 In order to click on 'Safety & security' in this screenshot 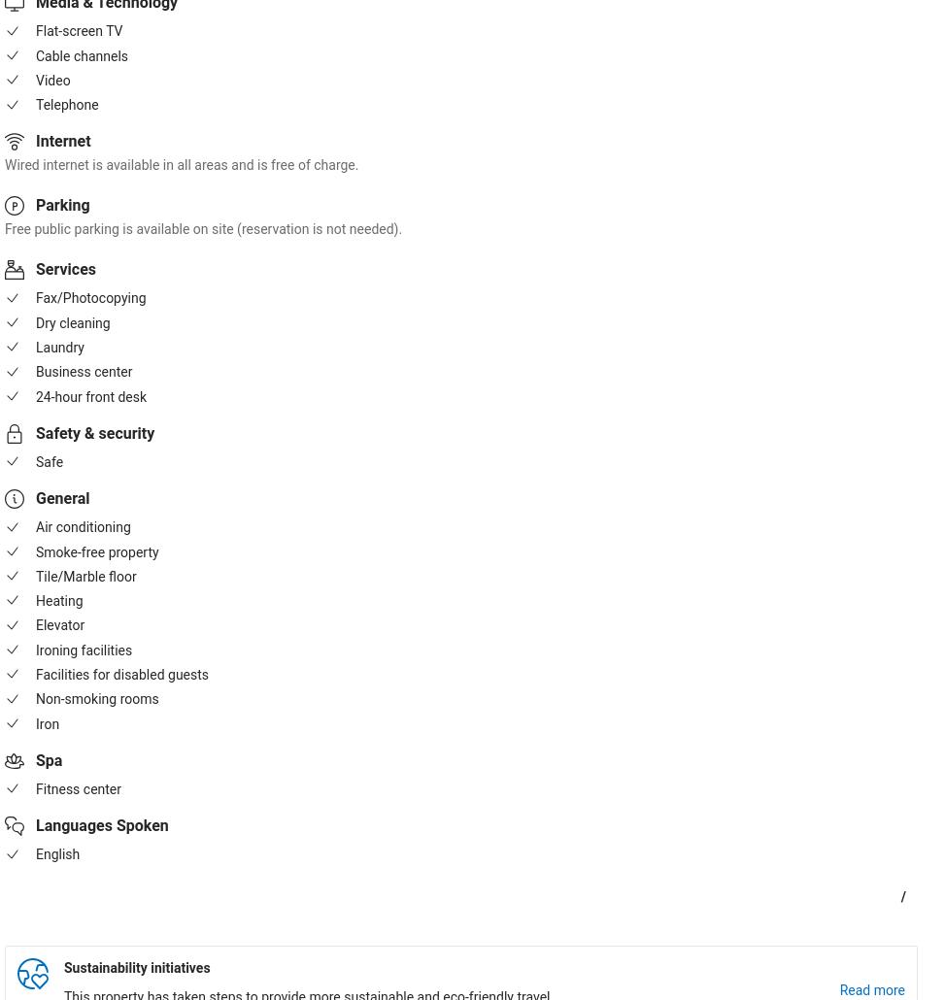, I will do `click(93, 431)`.